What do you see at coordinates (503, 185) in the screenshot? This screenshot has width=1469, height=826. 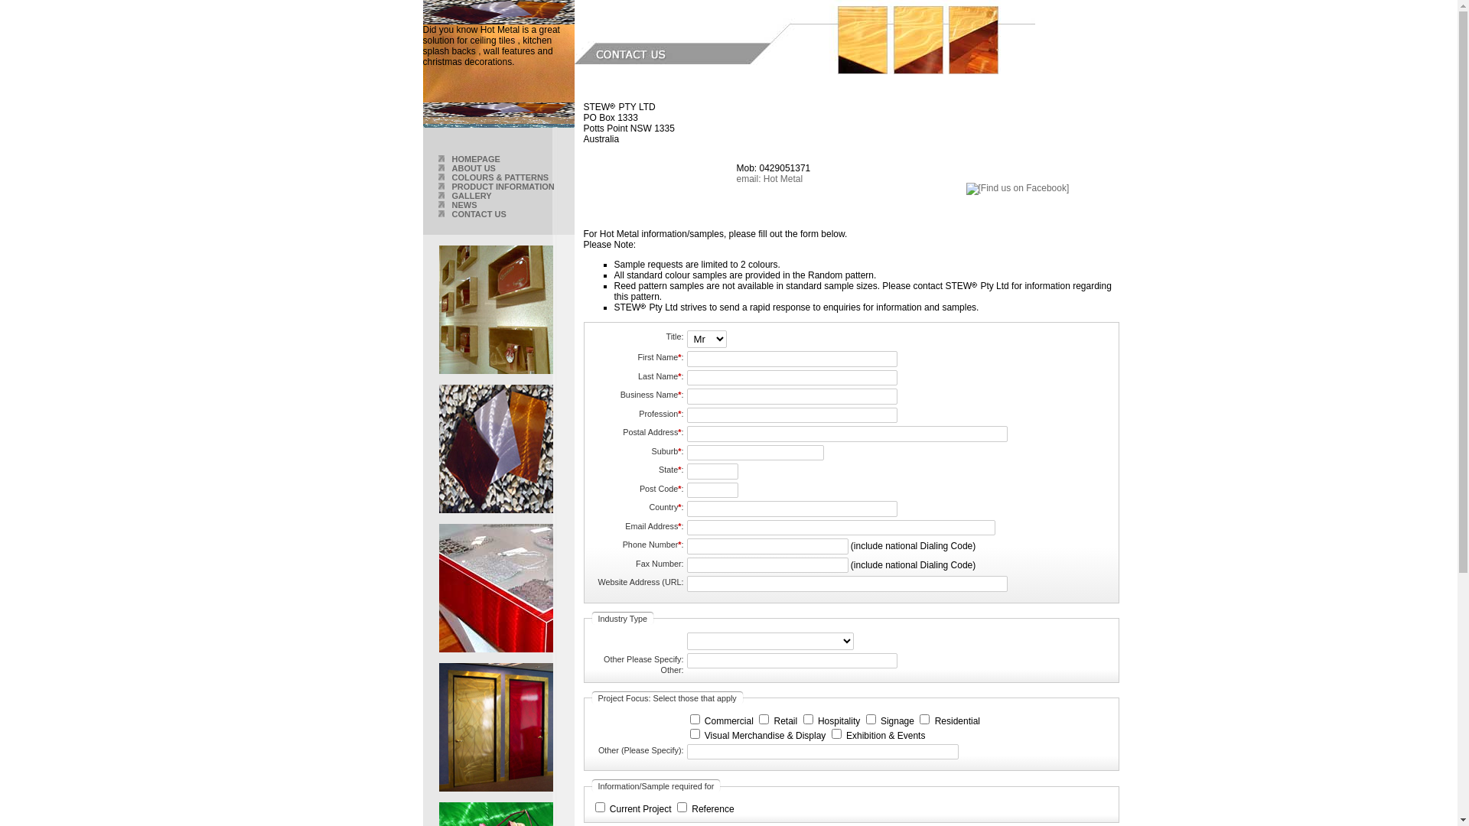 I see `'PRODUCT INFORMATION'` at bounding box center [503, 185].